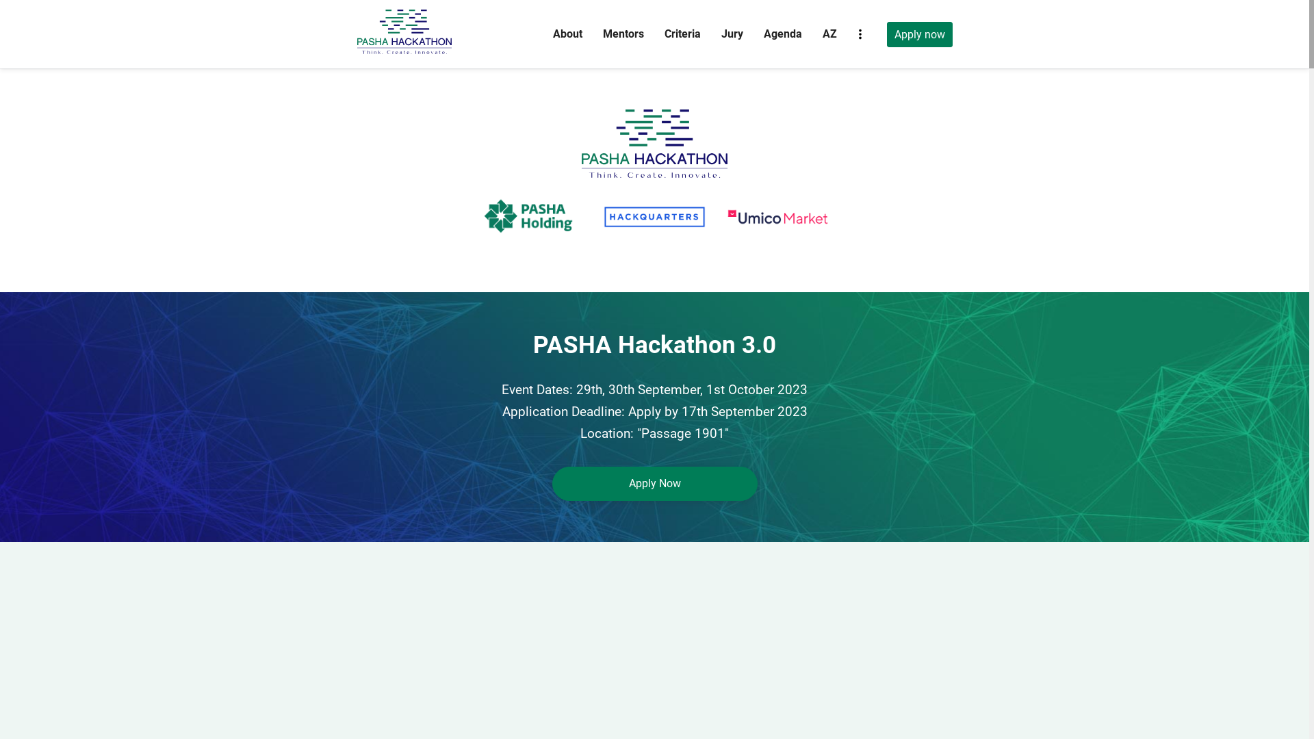  What do you see at coordinates (682, 33) in the screenshot?
I see `'Criteria'` at bounding box center [682, 33].